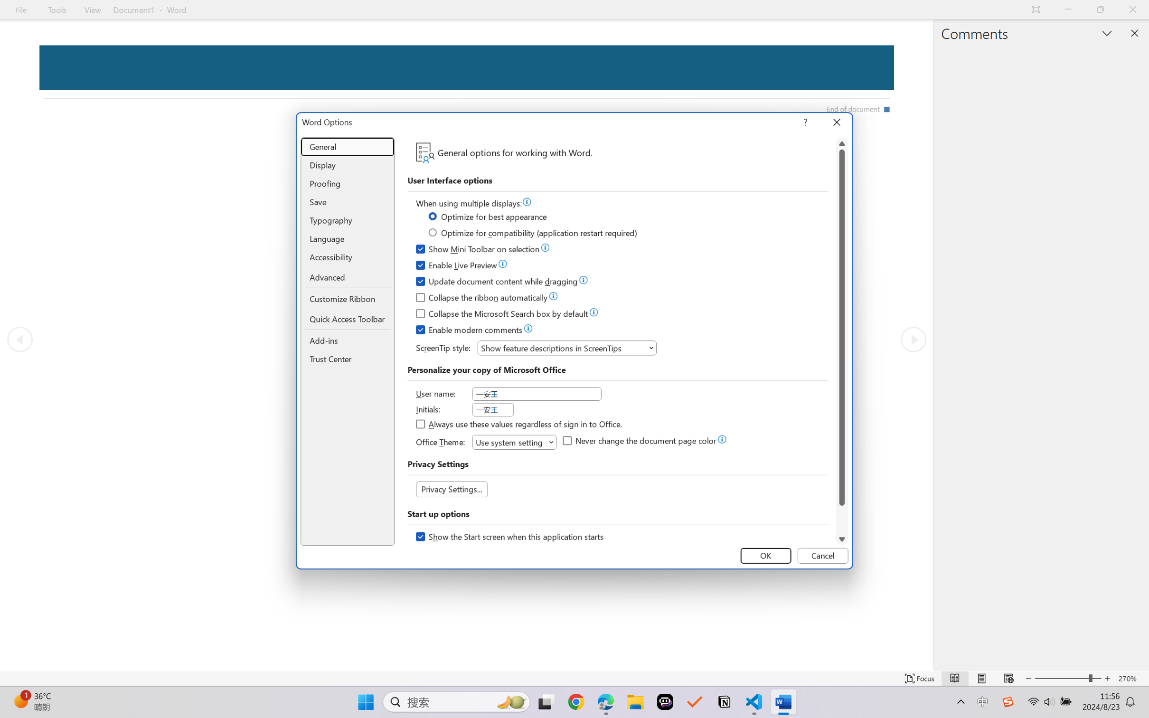 The width and height of the screenshot is (1149, 718). I want to click on 'Enable modern comments', so click(470, 331).